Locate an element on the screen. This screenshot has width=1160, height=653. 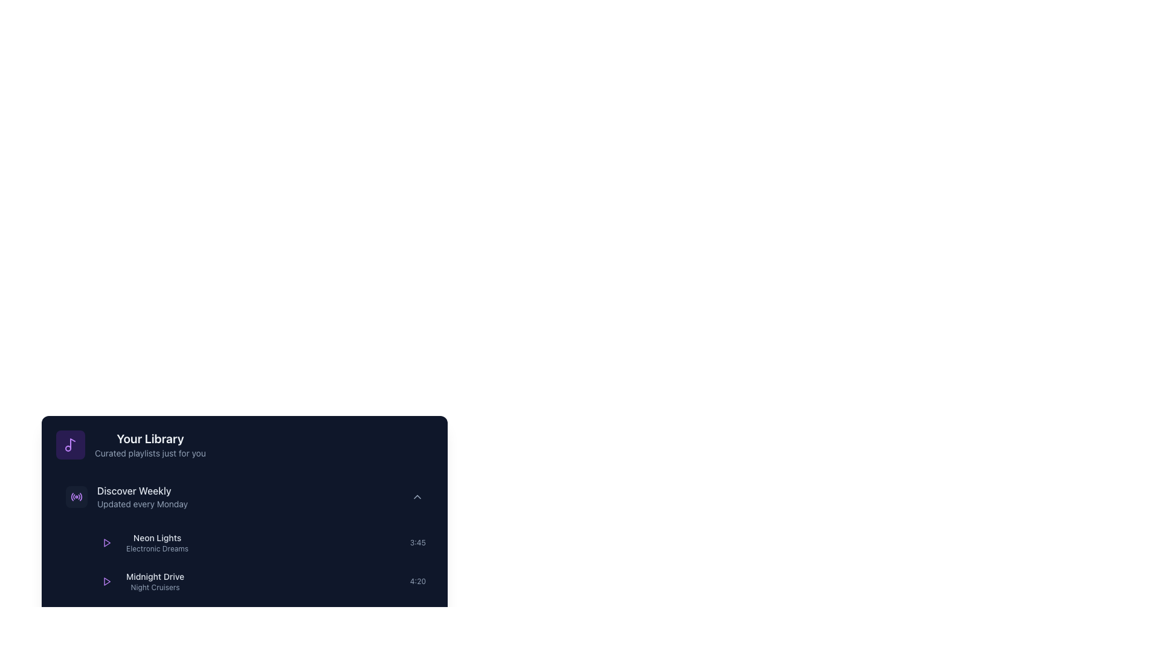
the text label that serves as the title for a music track or playlist, located in the second playlist item from 'Discover Weekly' under 'Your Library', positioned above another text label and to the right of a play icon is located at coordinates (155, 576).